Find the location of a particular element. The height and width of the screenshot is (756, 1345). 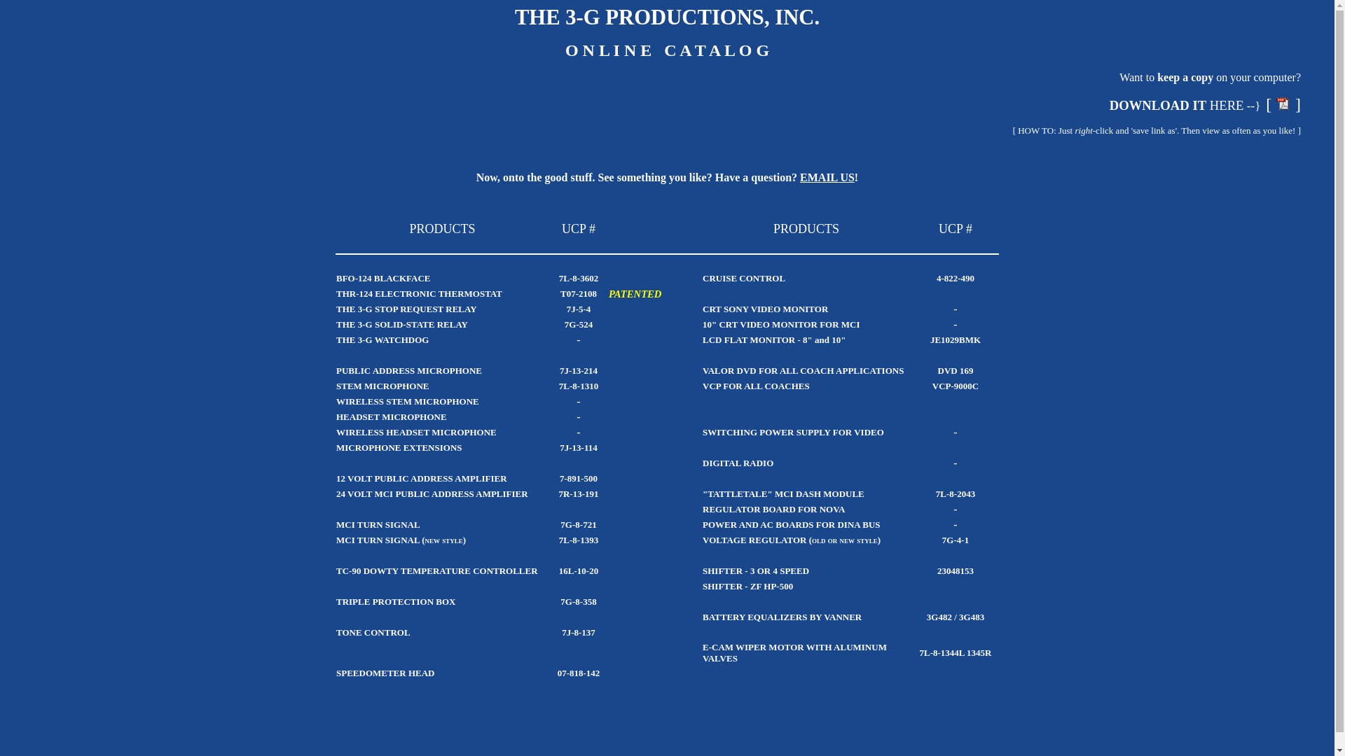

'TC-90 DOWTY TEMPERATURE CONTROLLER' is located at coordinates (436, 570).